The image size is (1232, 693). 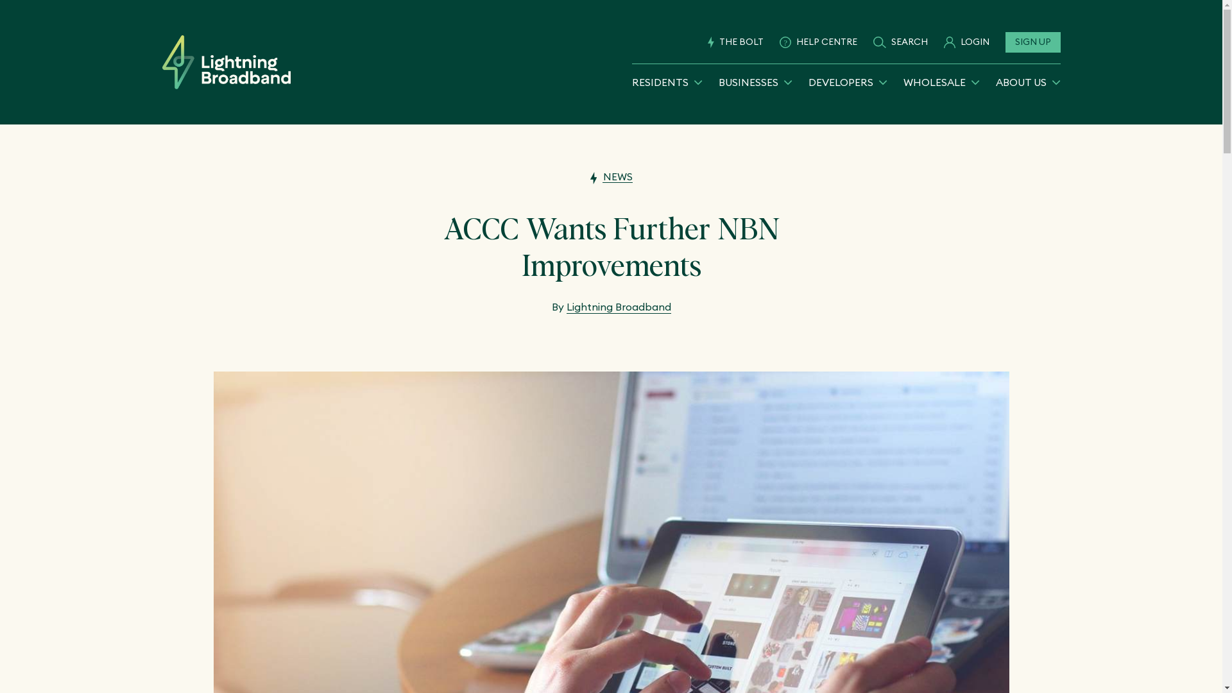 I want to click on 'LOGIN', so click(x=966, y=41).